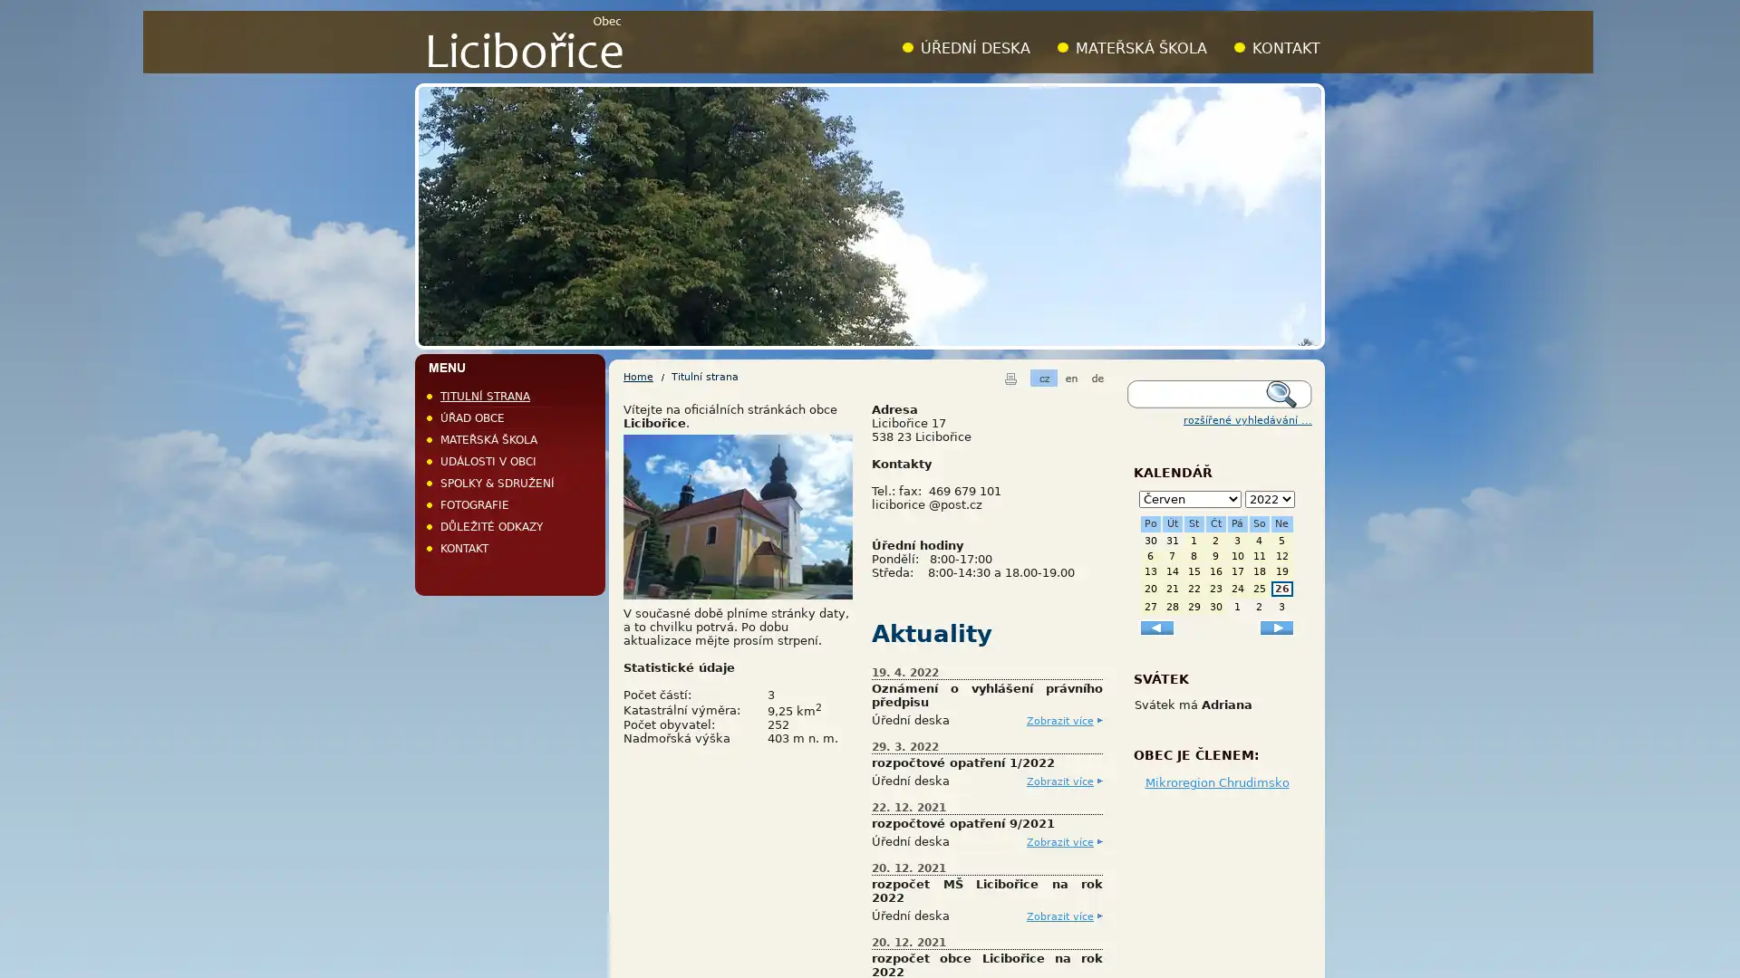 The width and height of the screenshot is (1740, 978). Describe the element at coordinates (1155, 626) in the screenshot. I see `predchozi` at that location.